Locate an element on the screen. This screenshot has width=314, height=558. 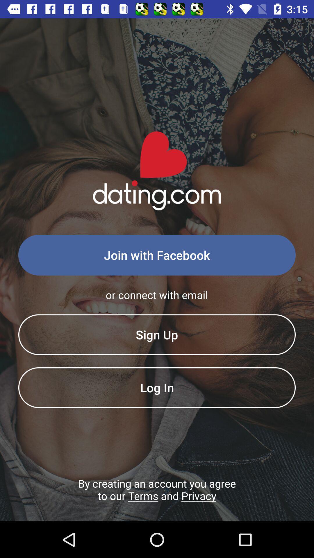
the icon below the or connect with is located at coordinates (157, 335).